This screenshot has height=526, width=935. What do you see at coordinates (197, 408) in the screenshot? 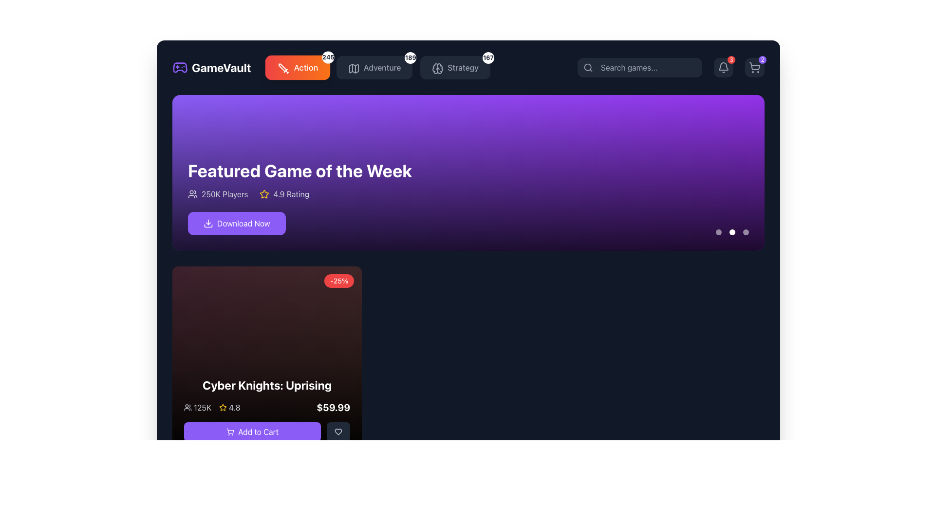
I see `the text-label displaying '125K' alongside the group of people icon, located in the lower section of the 'Cyber Knights: Uprising' game card` at bounding box center [197, 408].